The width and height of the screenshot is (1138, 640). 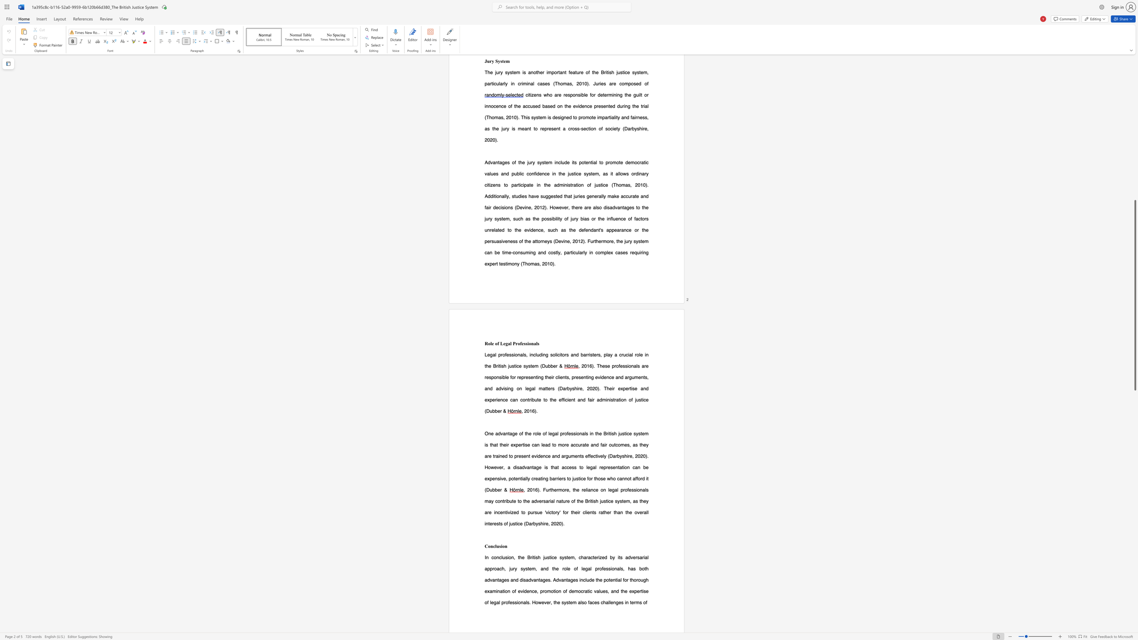 What do you see at coordinates (486, 411) in the screenshot?
I see `the 1th character "(" in the text` at bounding box center [486, 411].